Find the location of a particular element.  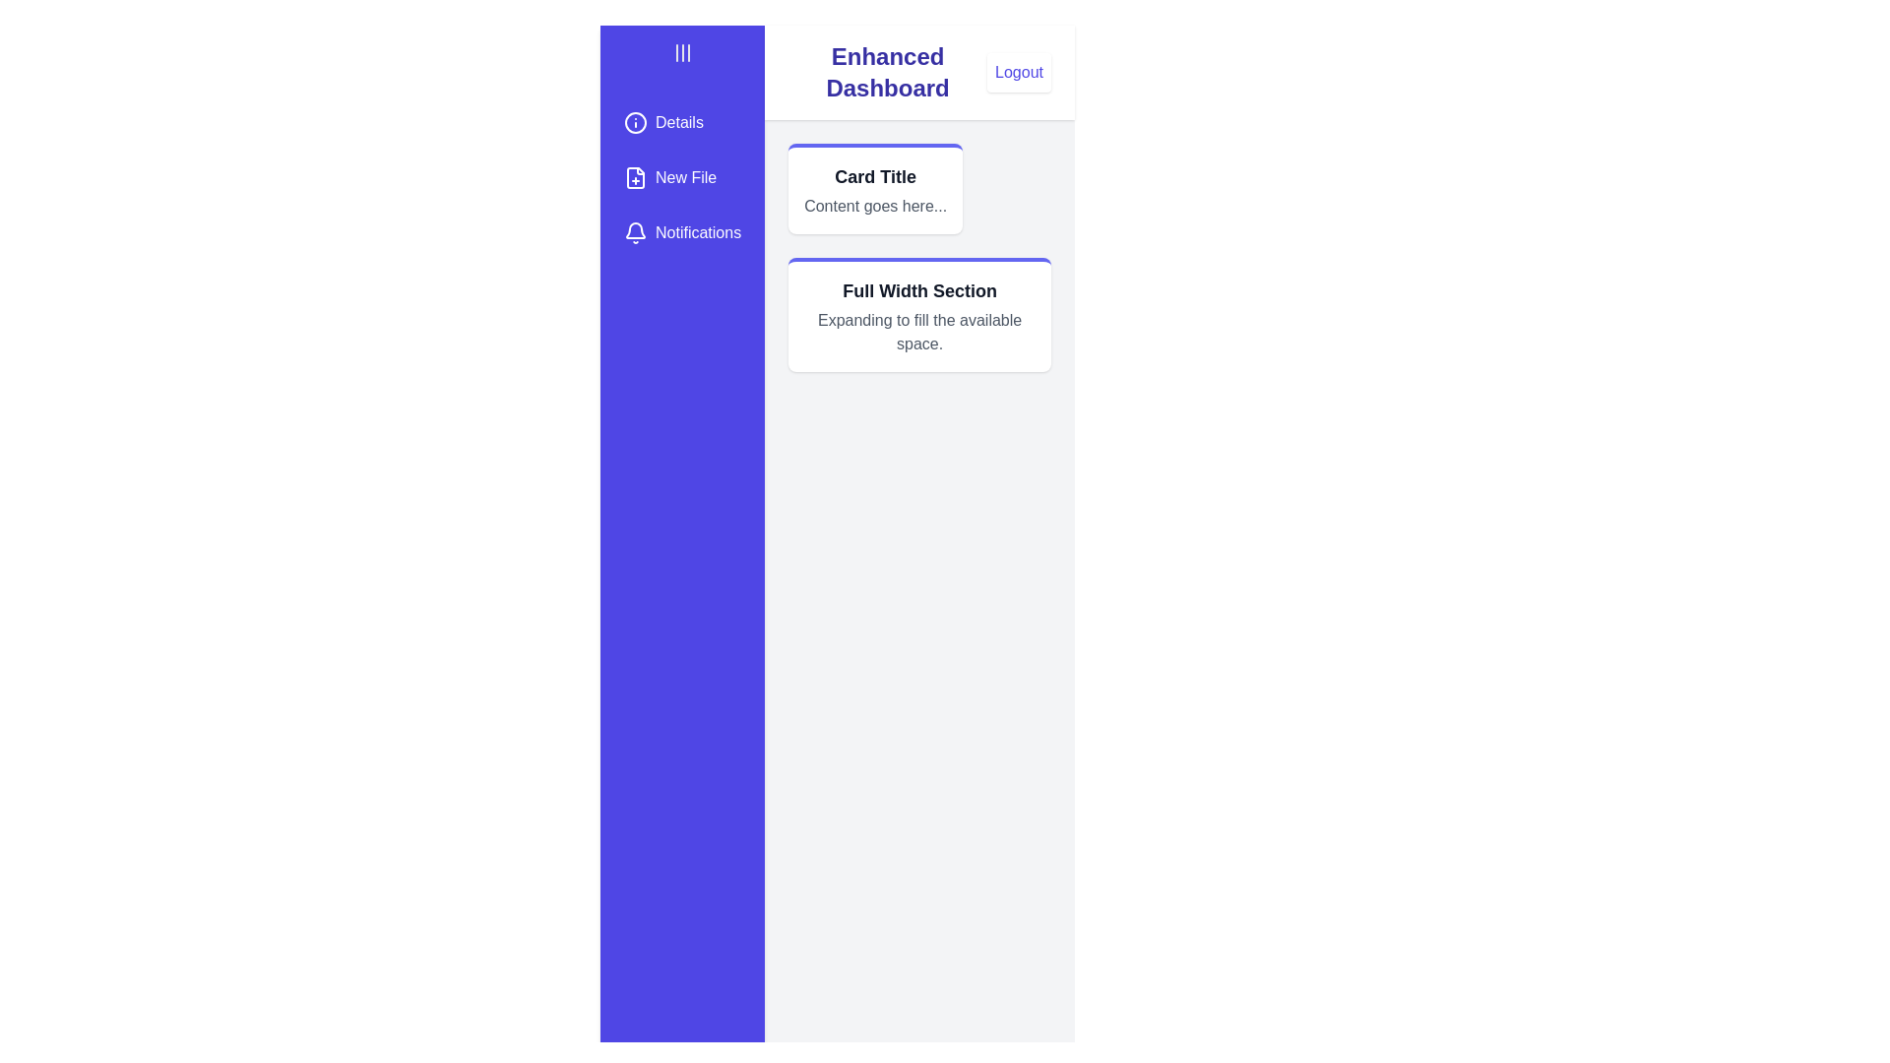

the Text label that serves as a title or heading for the dashboard interface, located at the top of the main content area, adjacent to the header is located at coordinates (887, 71).